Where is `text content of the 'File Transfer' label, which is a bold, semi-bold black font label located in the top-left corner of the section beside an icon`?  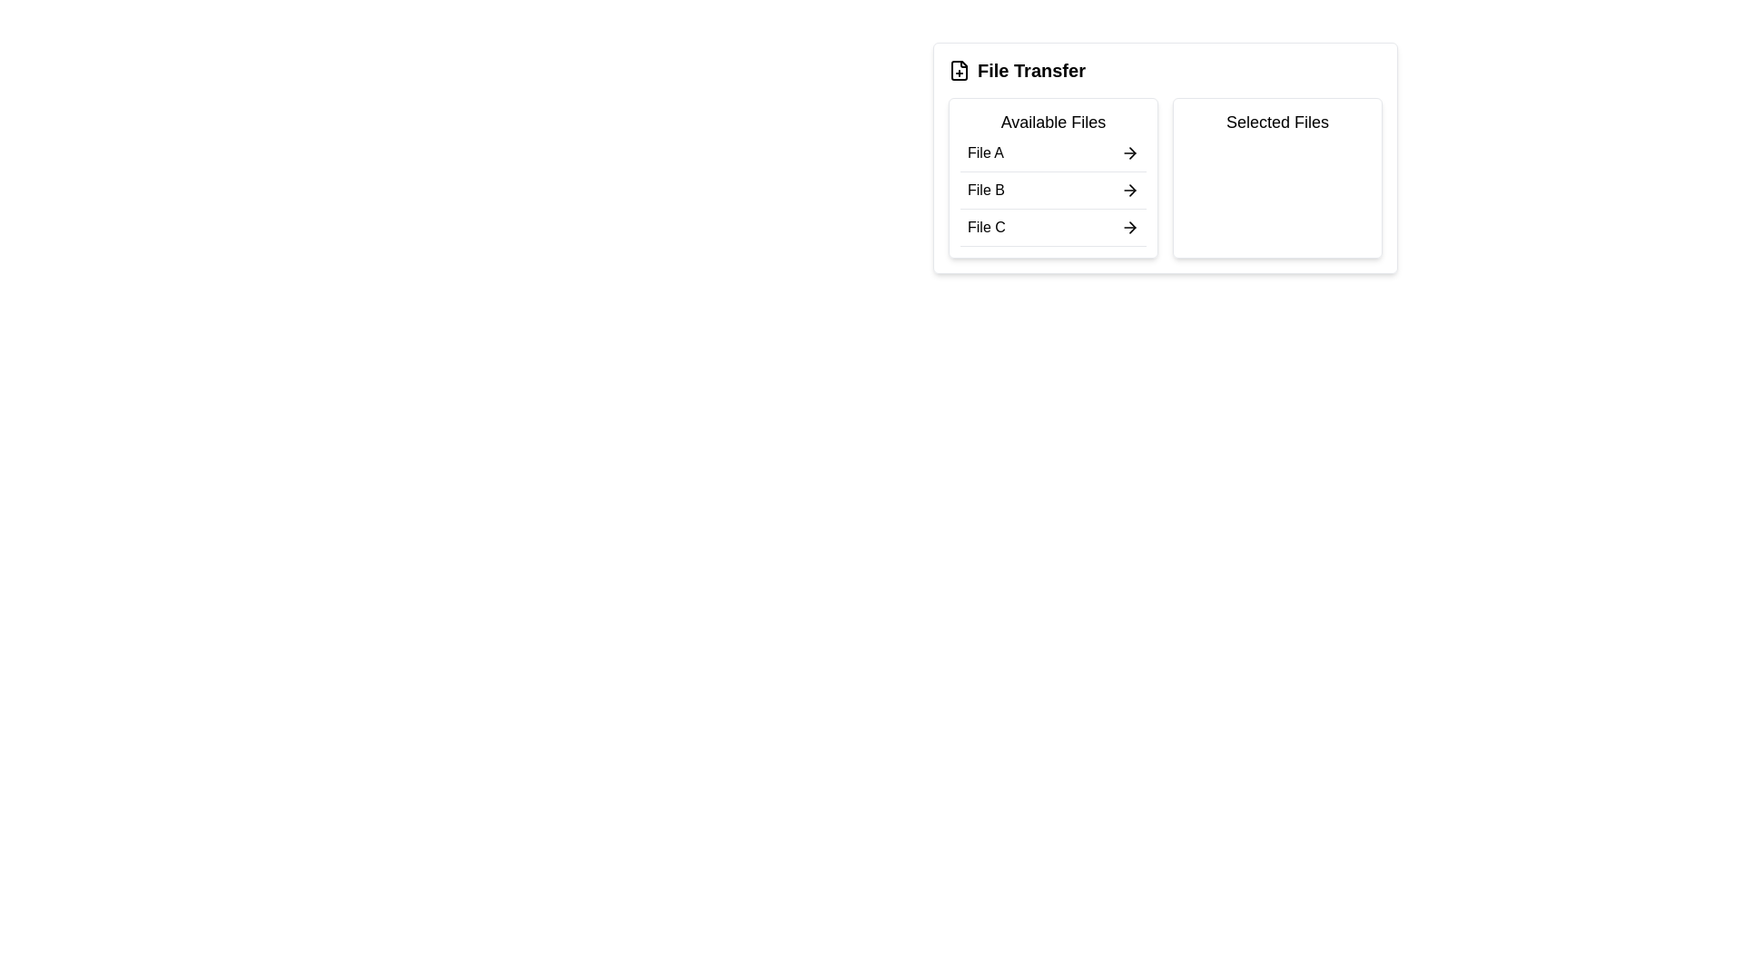
text content of the 'File Transfer' label, which is a bold, semi-bold black font label located in the top-left corner of the section beside an icon is located at coordinates (1031, 69).